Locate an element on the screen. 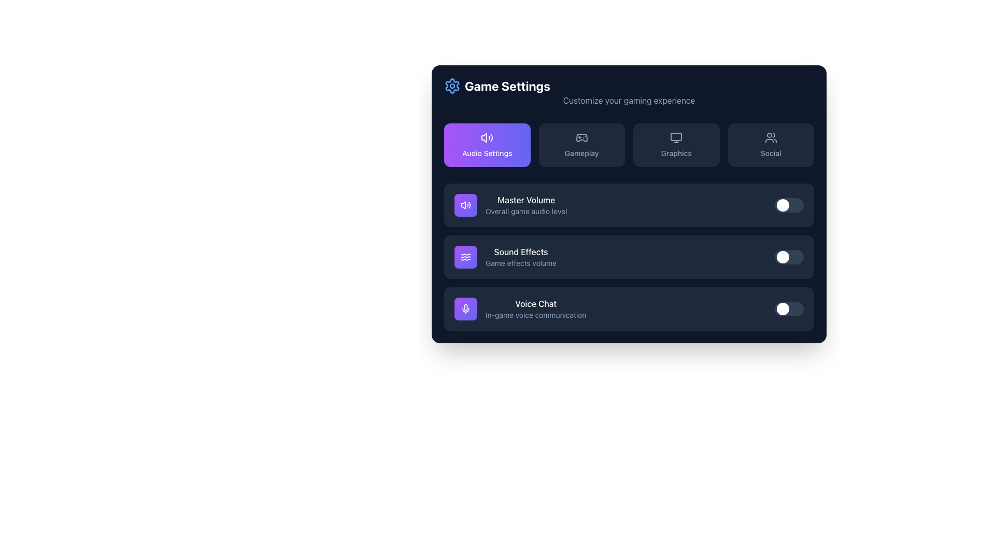 This screenshot has width=995, height=560. the static descriptive text labeled 'Game effects volume', which is located under the 'Sound Effects' title in the same section box is located at coordinates (521, 263).